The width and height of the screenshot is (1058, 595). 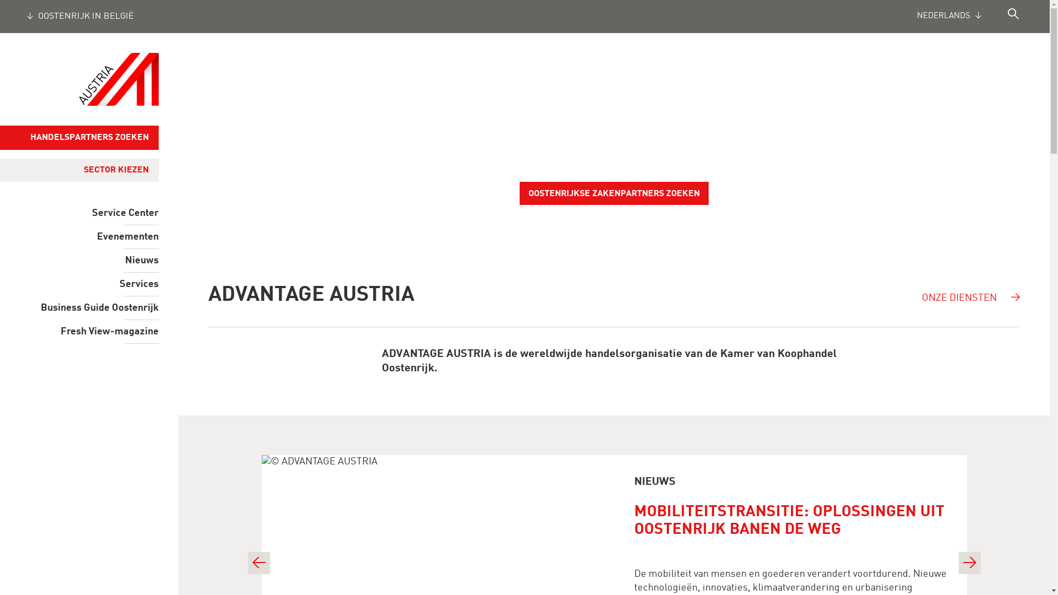 I want to click on 'Logo', so click(x=119, y=78).